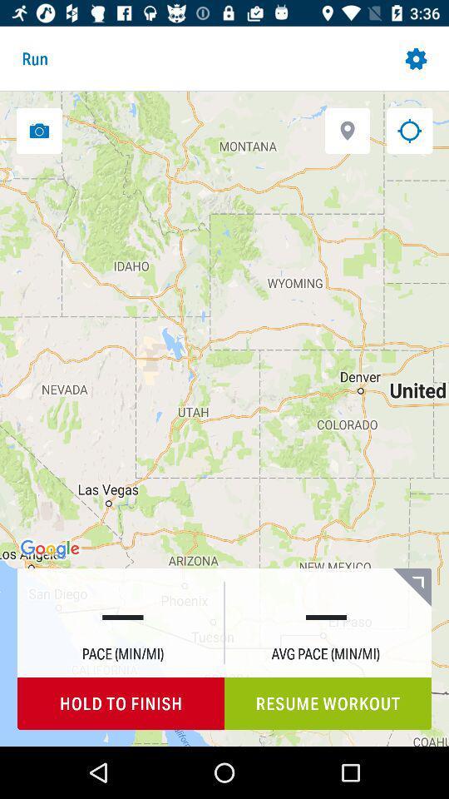 The height and width of the screenshot is (799, 449). I want to click on the icon next to hold to finish, so click(328, 702).